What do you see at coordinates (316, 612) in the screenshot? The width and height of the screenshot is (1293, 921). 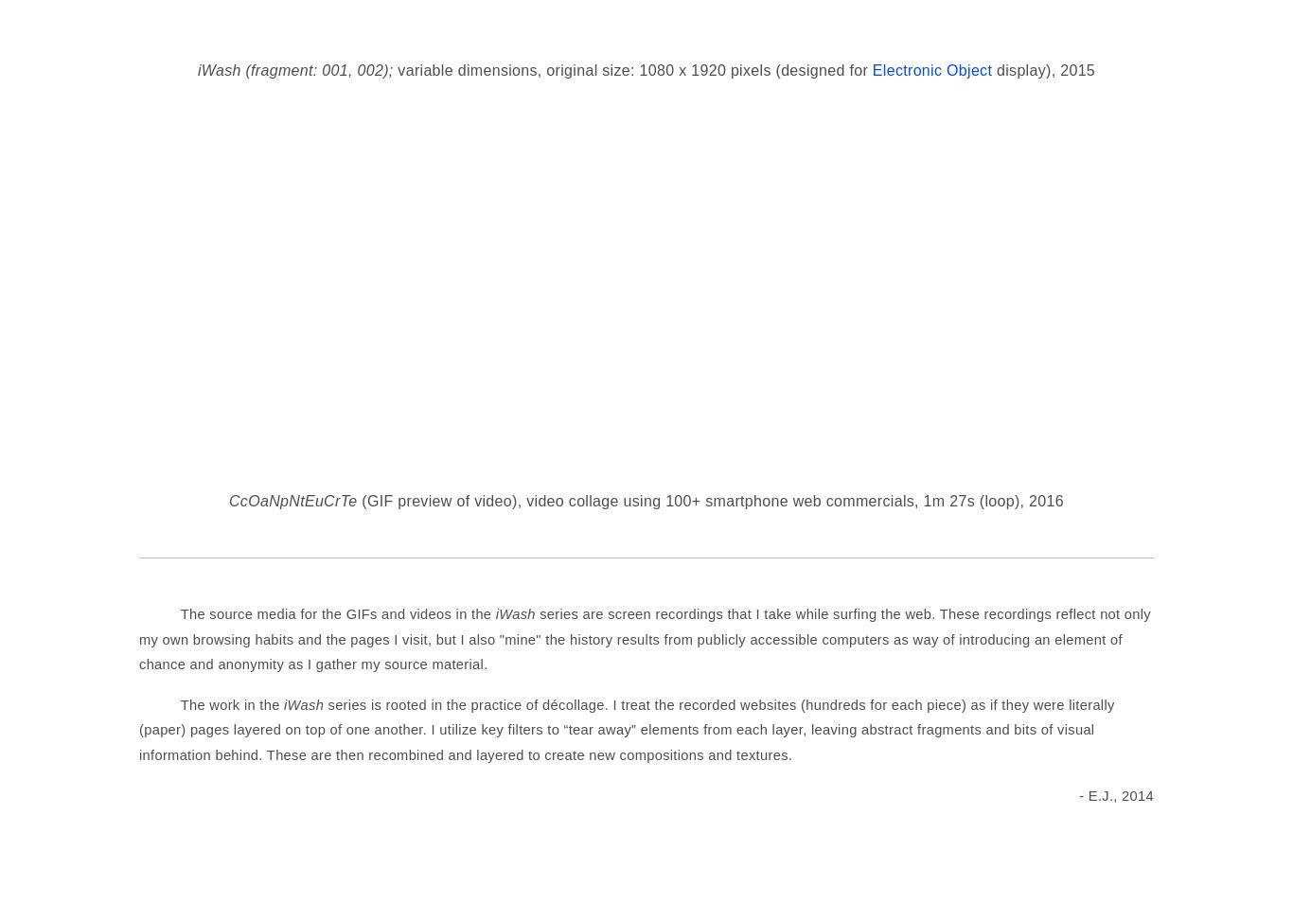 I see `'The source media for the GIFs and videos in the'` at bounding box center [316, 612].